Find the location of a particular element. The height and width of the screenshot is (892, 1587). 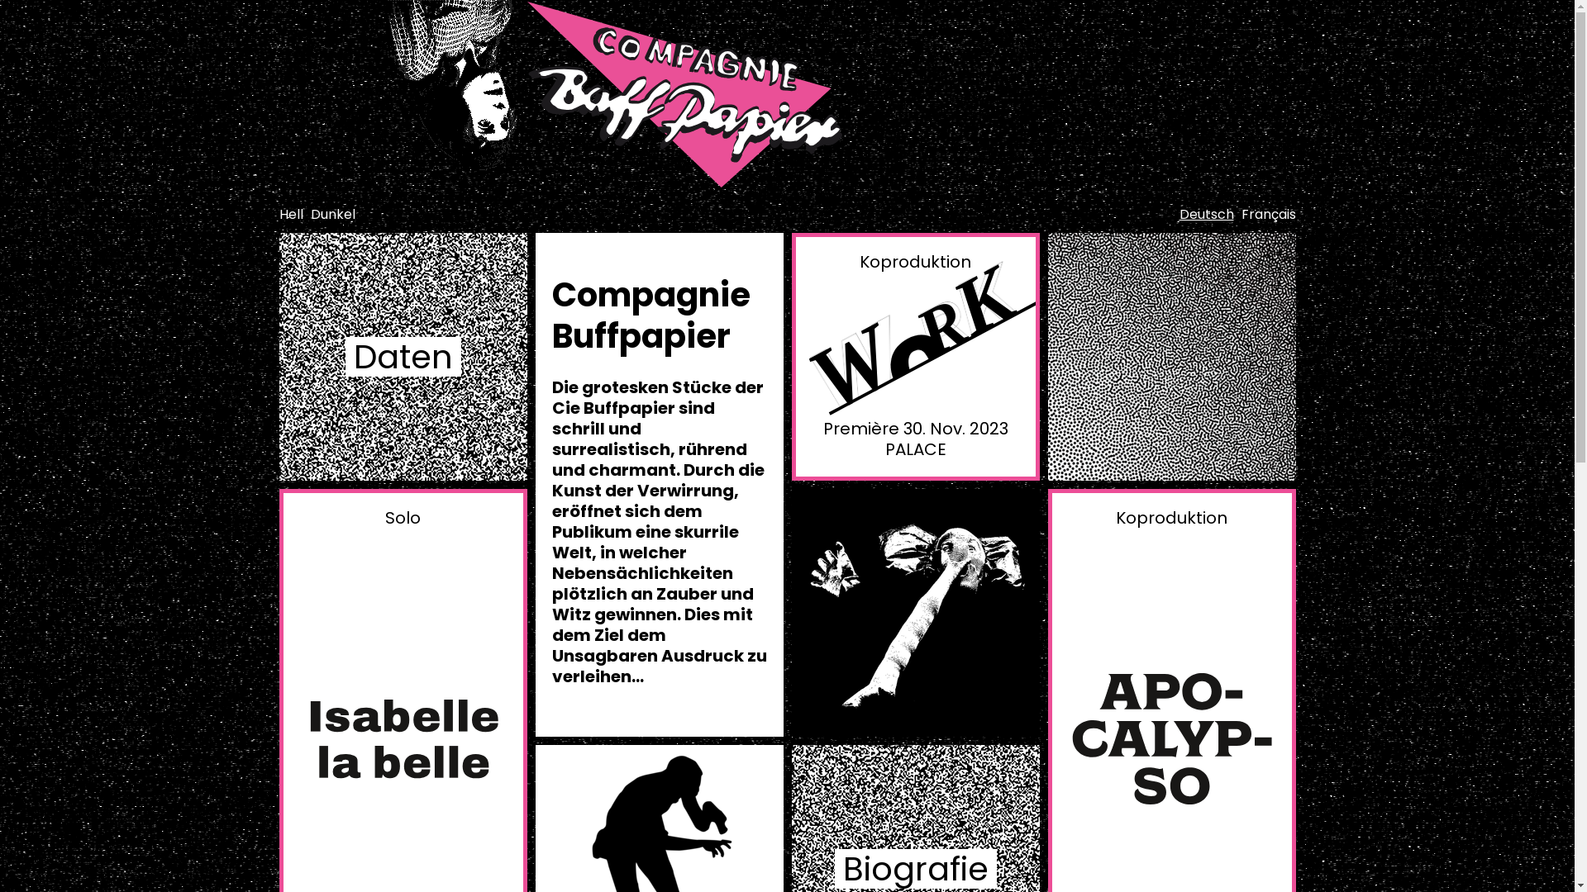

'Daten' is located at coordinates (403, 356).